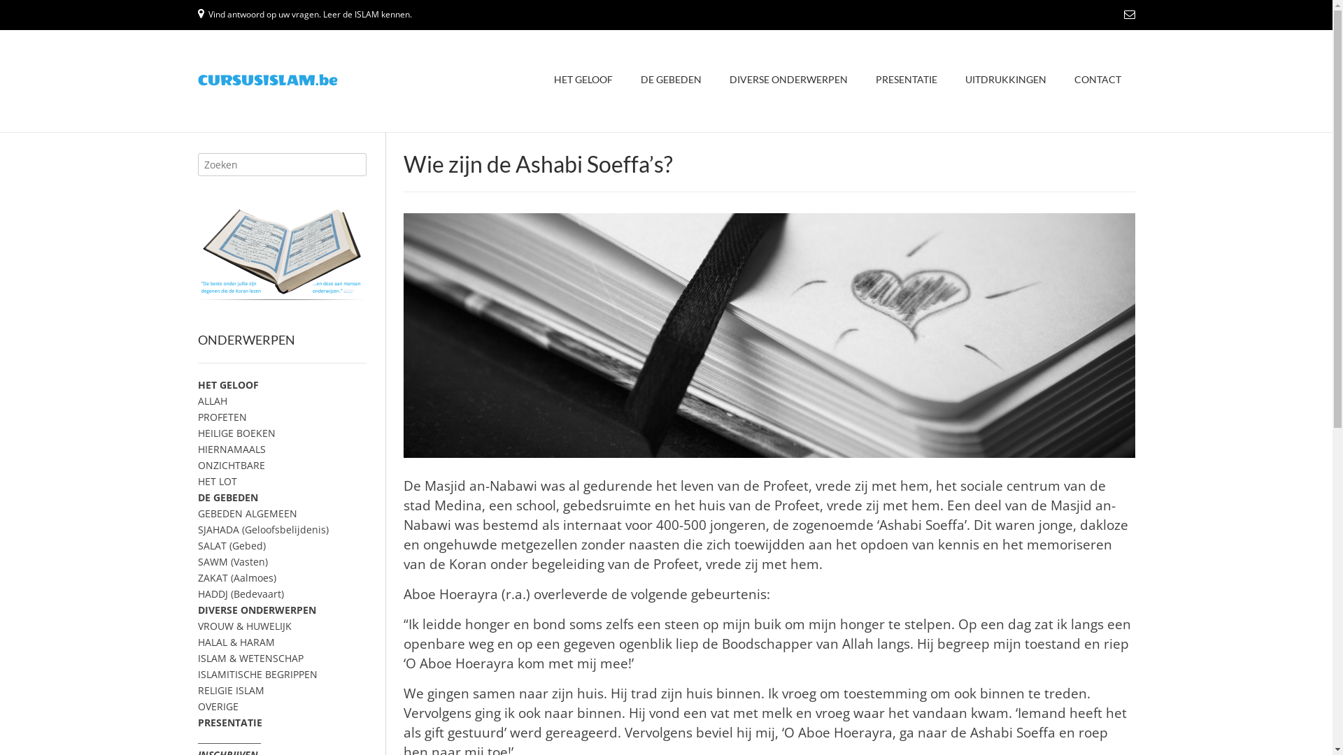  What do you see at coordinates (1128, 13) in the screenshot?
I see `'Send Us an Email'` at bounding box center [1128, 13].